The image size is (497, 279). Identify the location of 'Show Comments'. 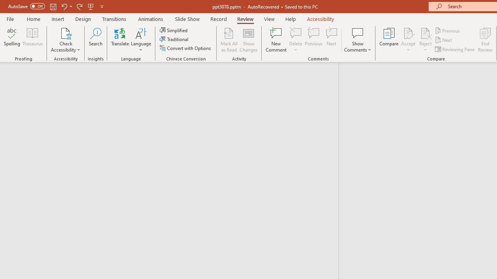
(357, 33).